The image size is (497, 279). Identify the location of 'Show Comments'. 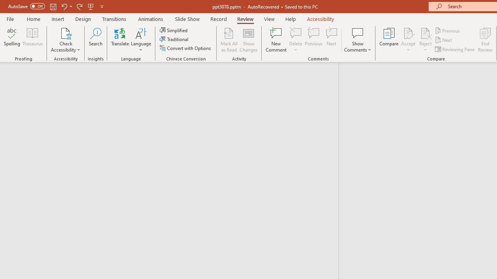
(357, 33).